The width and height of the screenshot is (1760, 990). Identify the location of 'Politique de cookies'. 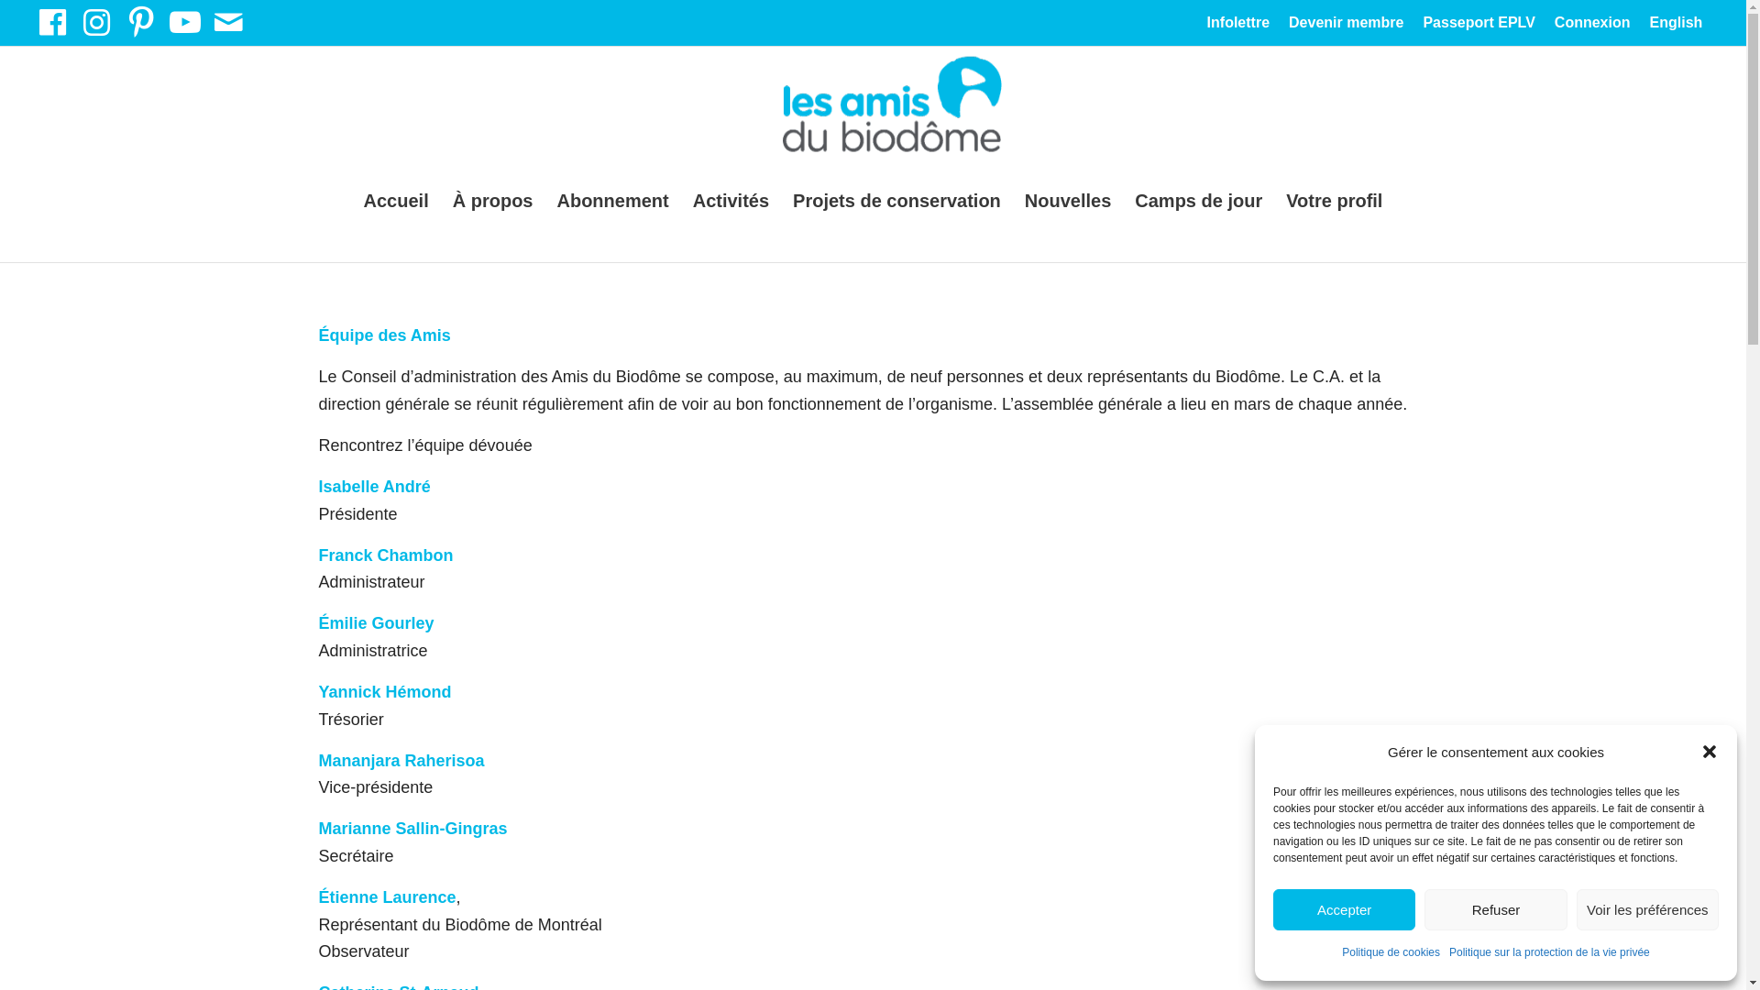
(1342, 952).